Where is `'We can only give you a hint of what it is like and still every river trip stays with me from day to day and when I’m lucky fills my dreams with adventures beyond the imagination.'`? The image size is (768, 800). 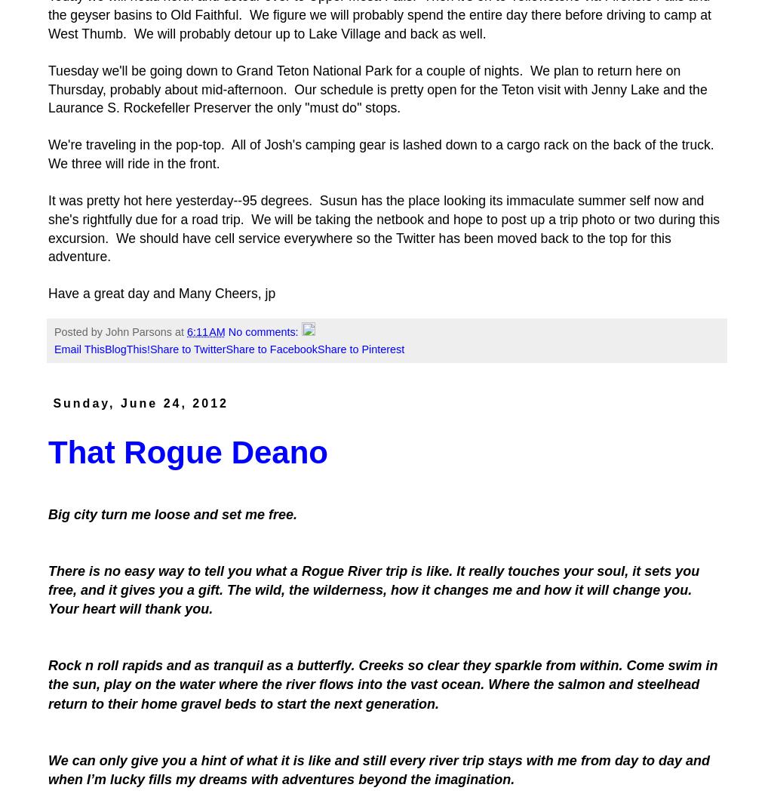 'We can only give you a hint of what it is like and still every river trip stays with me from day to day and when I’m lucky fills my dreams with adventures beyond the imagination.' is located at coordinates (48, 768).